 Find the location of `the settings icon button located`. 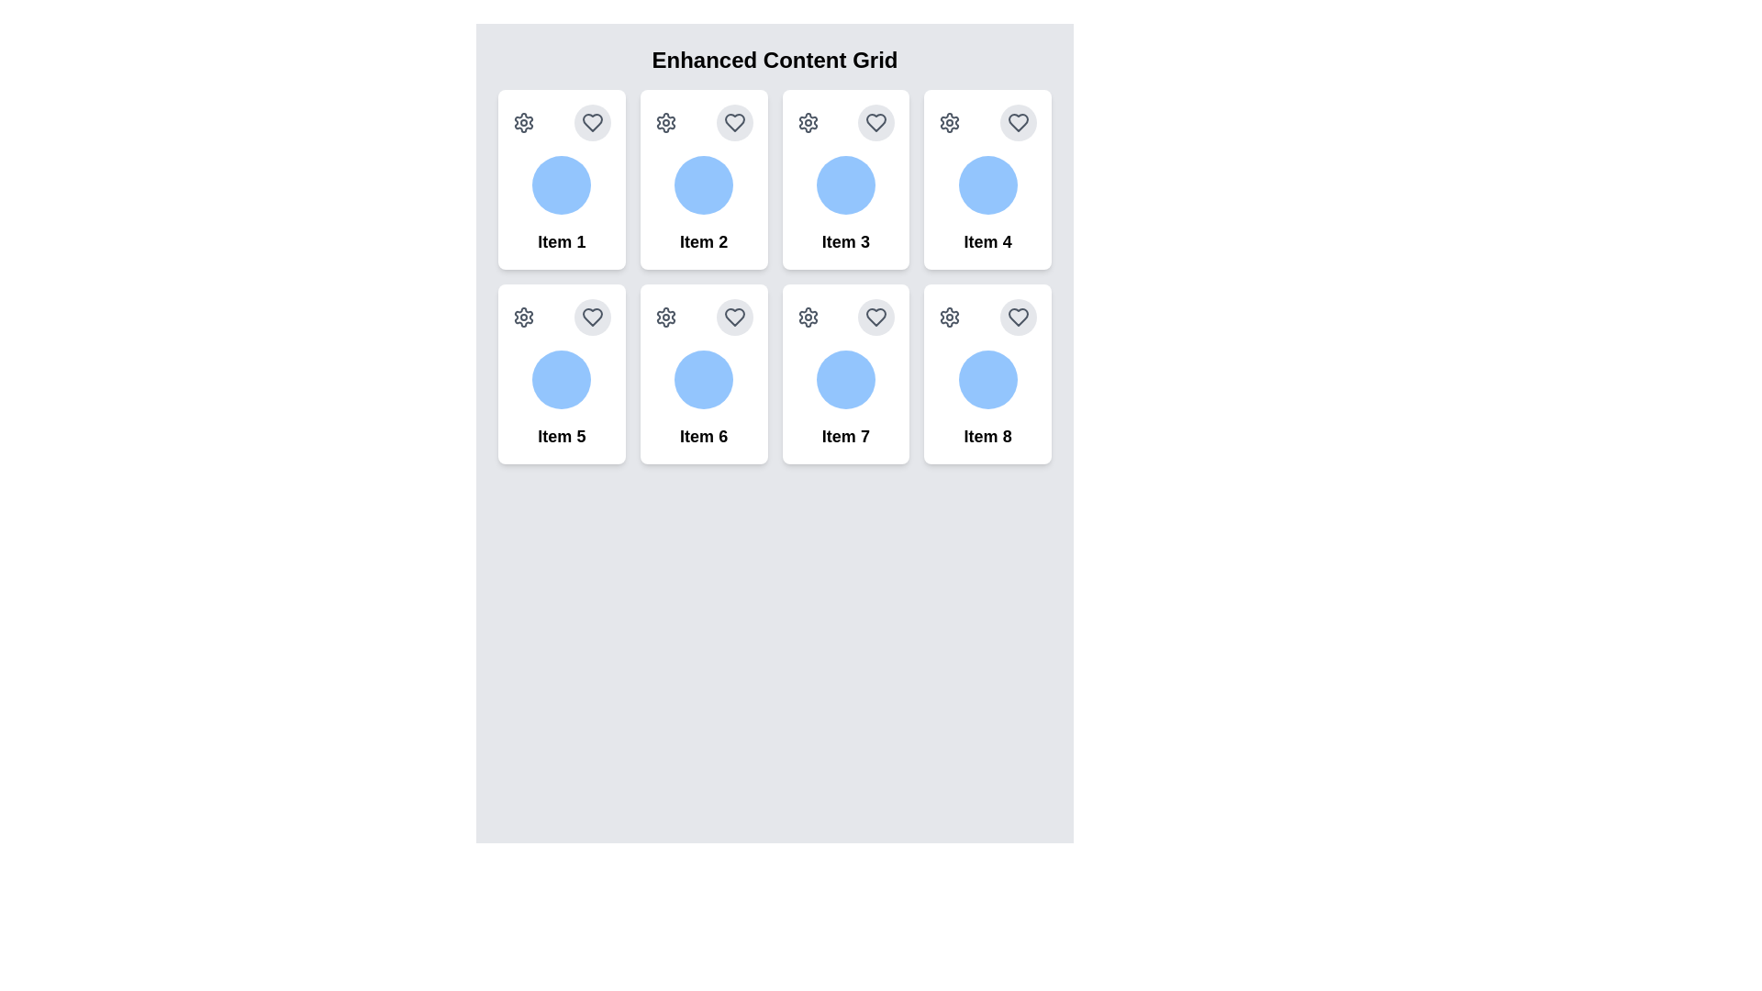

the settings icon button located is located at coordinates (950, 317).